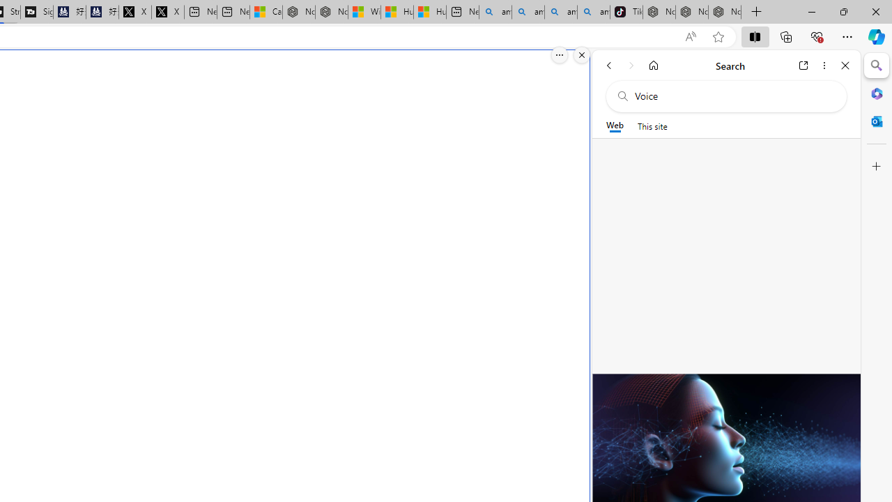  Describe the element at coordinates (631, 65) in the screenshot. I see `'Forward'` at that location.